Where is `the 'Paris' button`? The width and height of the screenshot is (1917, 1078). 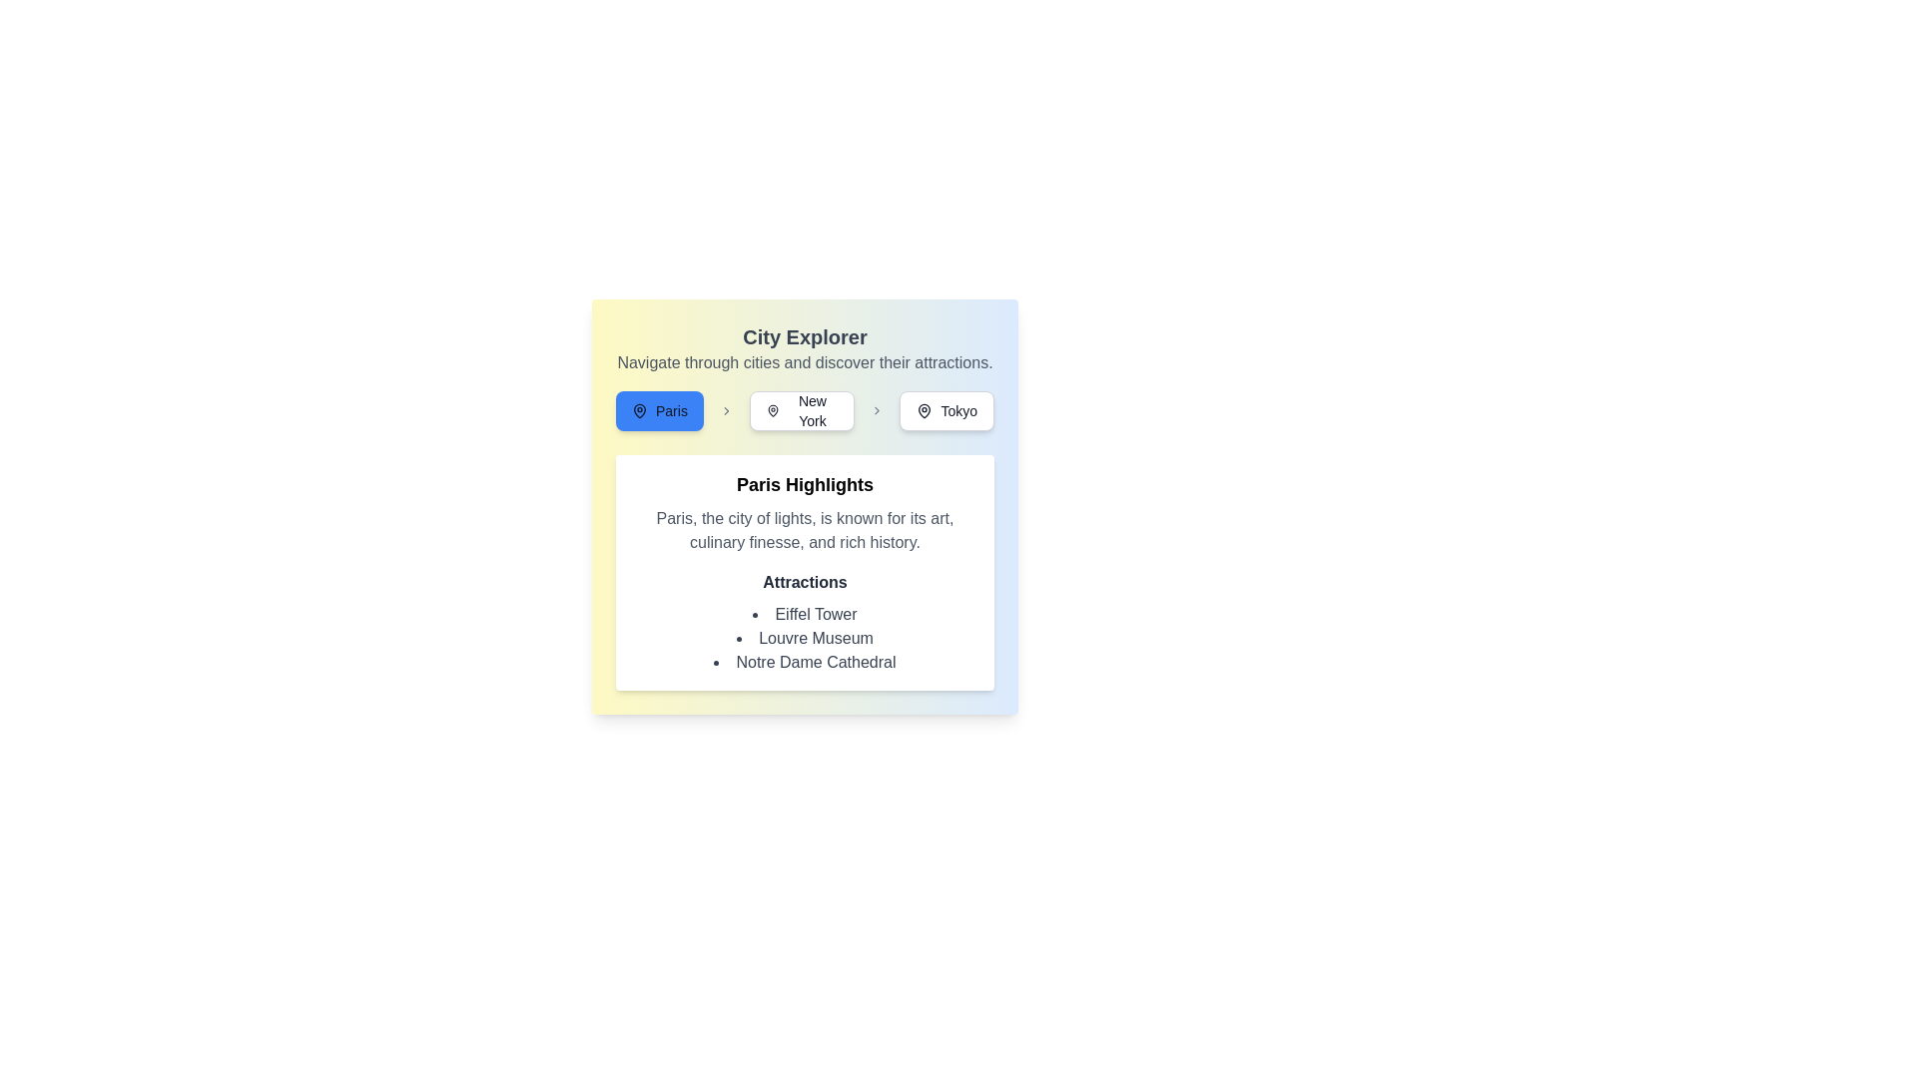
the 'Paris' button is located at coordinates (671, 410).